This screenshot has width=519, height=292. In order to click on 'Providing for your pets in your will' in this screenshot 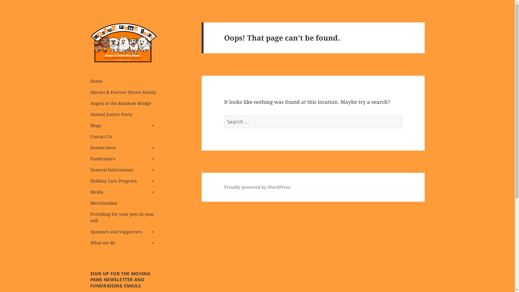, I will do `click(123, 217)`.